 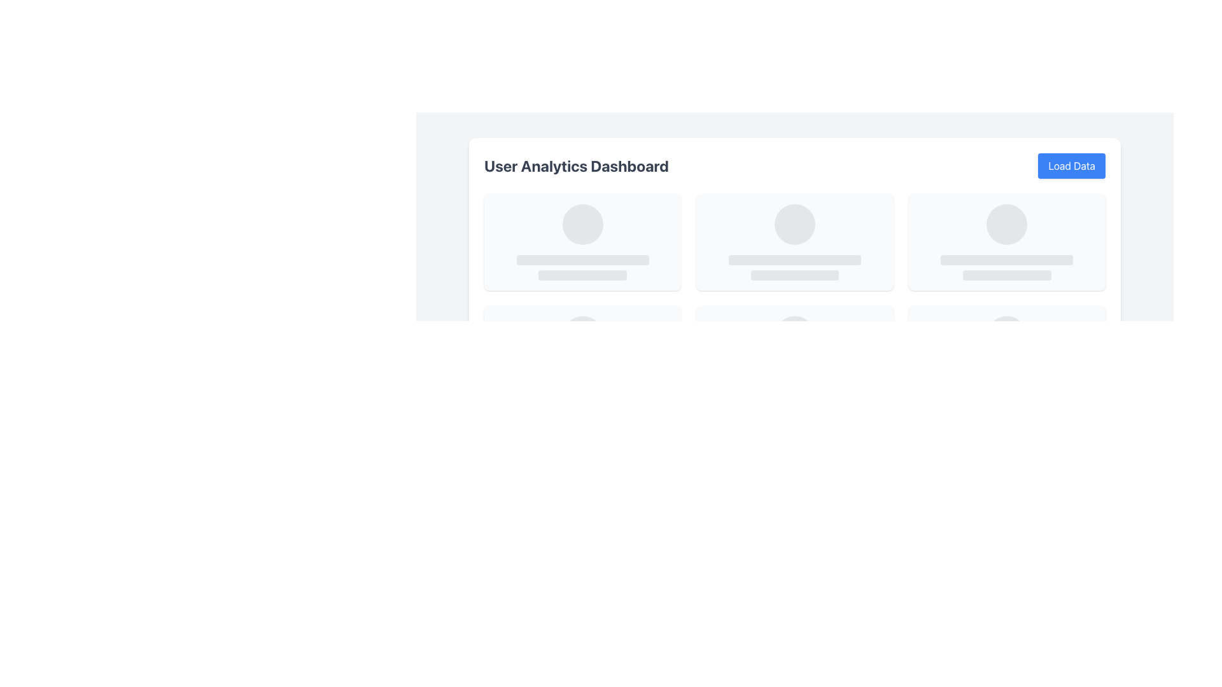 I want to click on title 'User Analytics Dashboard' from the Composite element located at the upper section of the dashboard interface, so click(x=794, y=165).